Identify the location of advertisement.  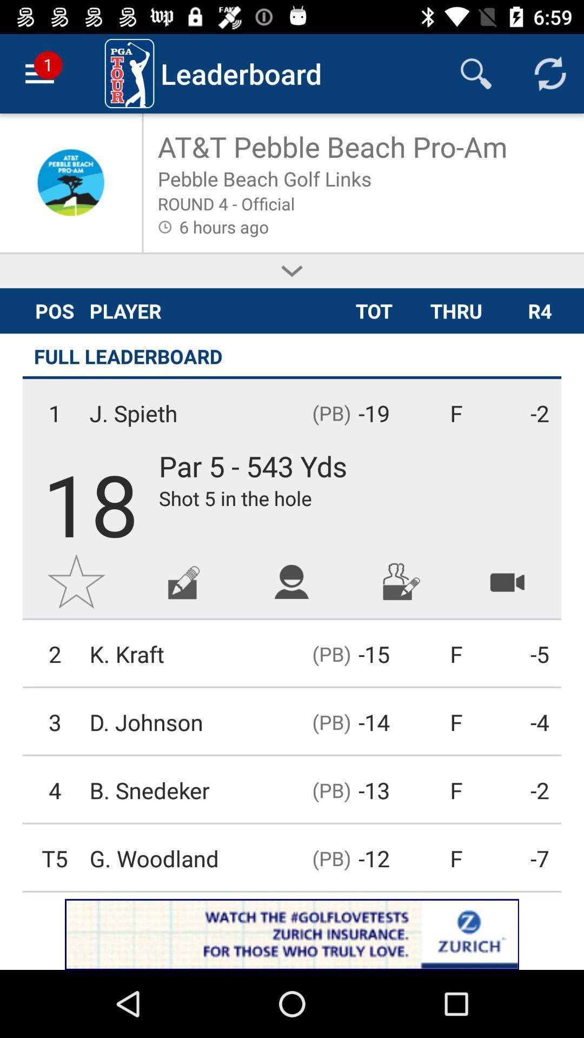
(183, 581).